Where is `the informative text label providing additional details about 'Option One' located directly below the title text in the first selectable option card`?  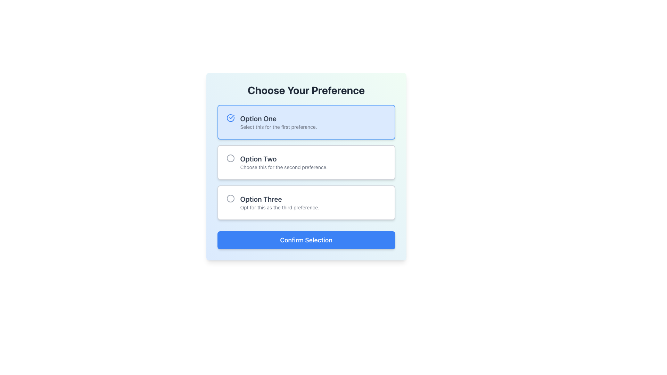 the informative text label providing additional details about 'Option One' located directly below the title text in the first selectable option card is located at coordinates (279, 127).